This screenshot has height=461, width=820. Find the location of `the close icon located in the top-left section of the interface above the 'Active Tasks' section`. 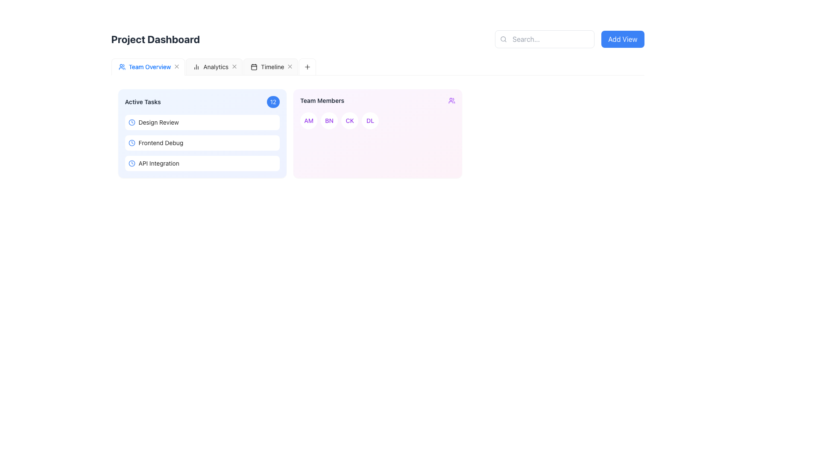

the close icon located in the top-left section of the interface above the 'Active Tasks' section is located at coordinates (234, 66).